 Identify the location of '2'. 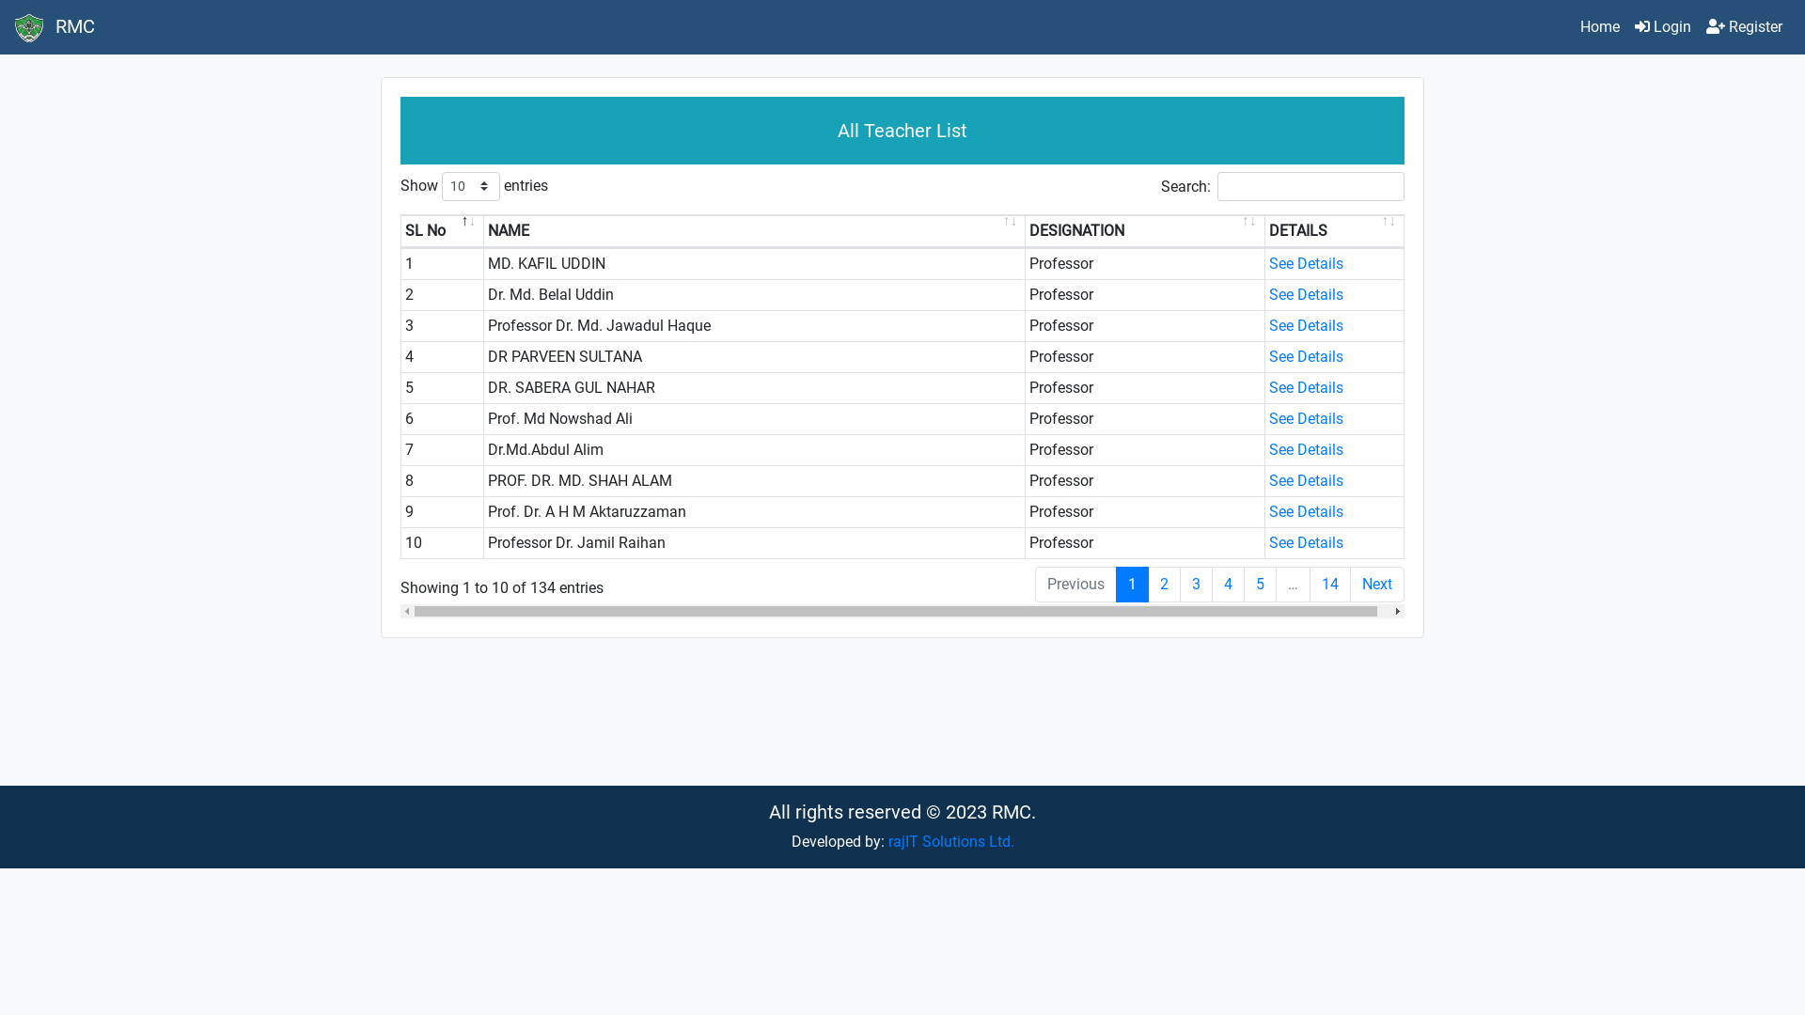
(1146, 583).